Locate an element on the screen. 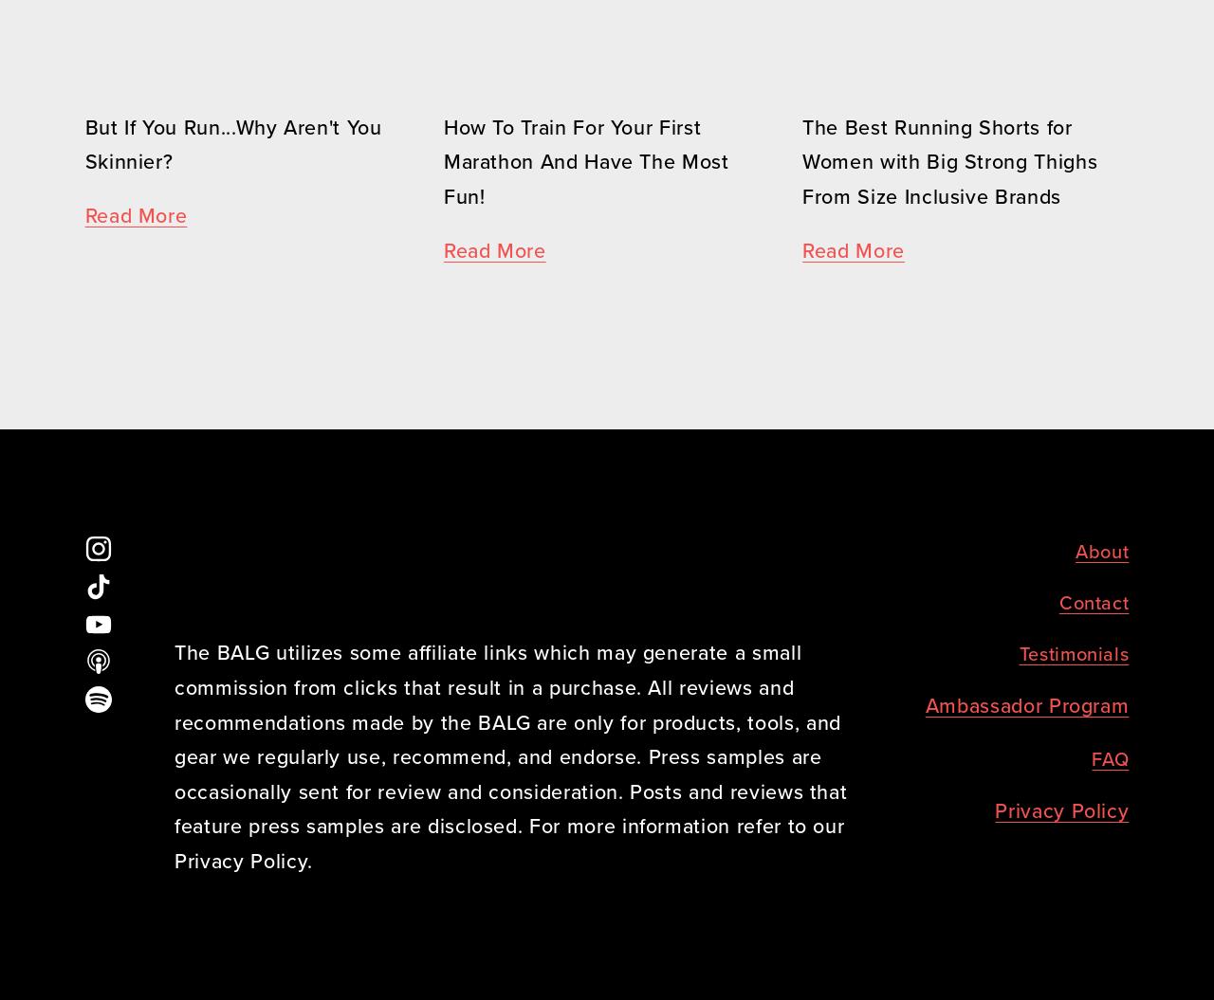 Image resolution: width=1214 pixels, height=1000 pixels. 'The Best Running Shorts for Women with Big Strong Thighs From Size Inclusive Brands' is located at coordinates (801, 161).